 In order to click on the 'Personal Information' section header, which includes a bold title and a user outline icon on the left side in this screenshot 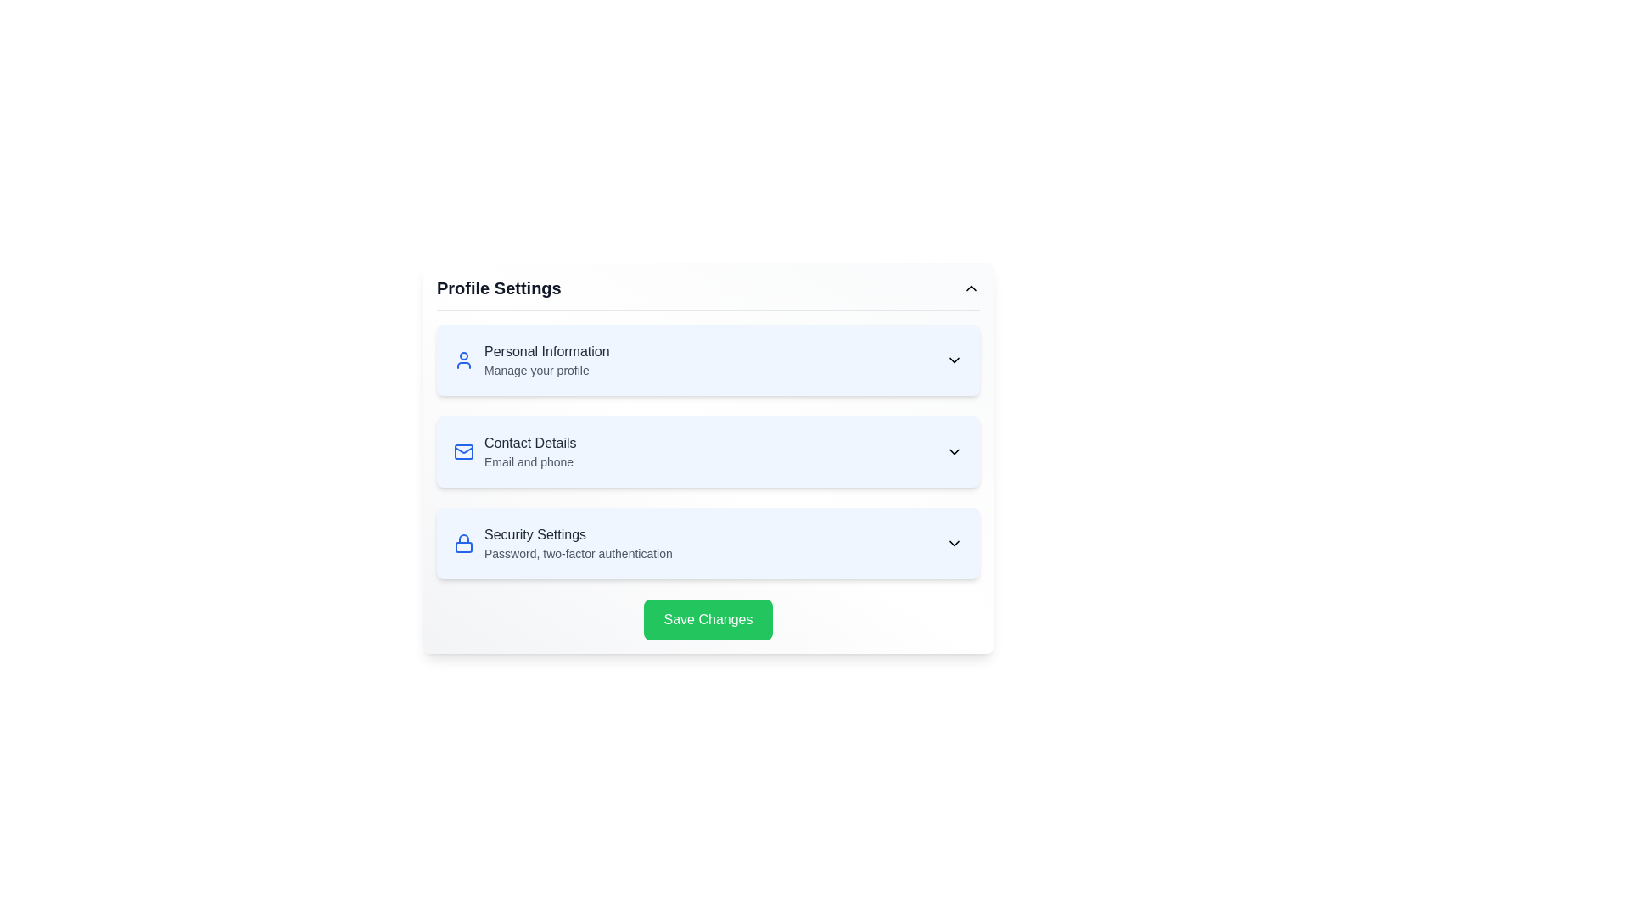, I will do `click(530, 359)`.